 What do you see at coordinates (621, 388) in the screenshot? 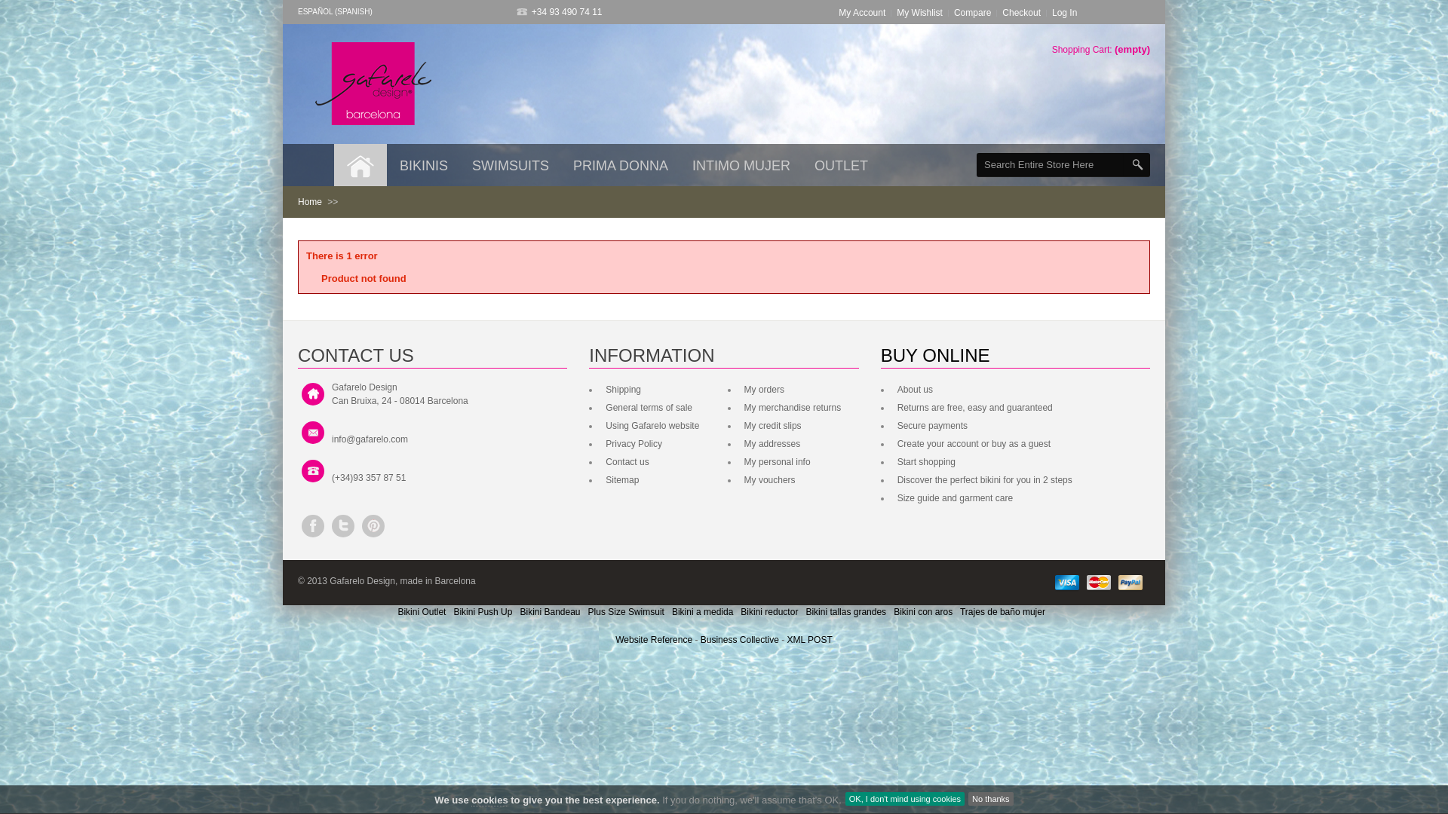
I see `'Shipping'` at bounding box center [621, 388].